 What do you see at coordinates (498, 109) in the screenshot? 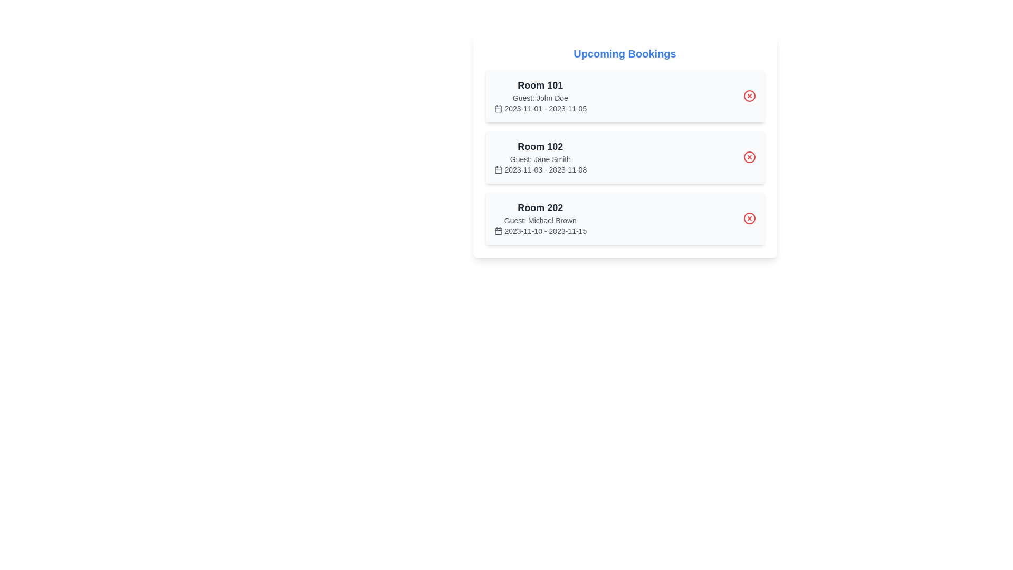
I see `rounded rectangle element within the calendar icon located to the left of the booking details text using the browser developer tools` at bounding box center [498, 109].